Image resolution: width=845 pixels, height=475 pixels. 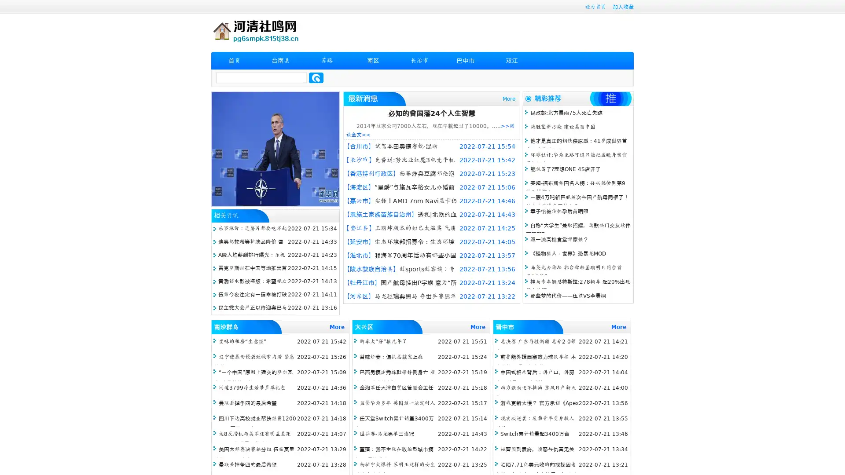 What do you see at coordinates (316, 77) in the screenshot?
I see `Search` at bounding box center [316, 77].